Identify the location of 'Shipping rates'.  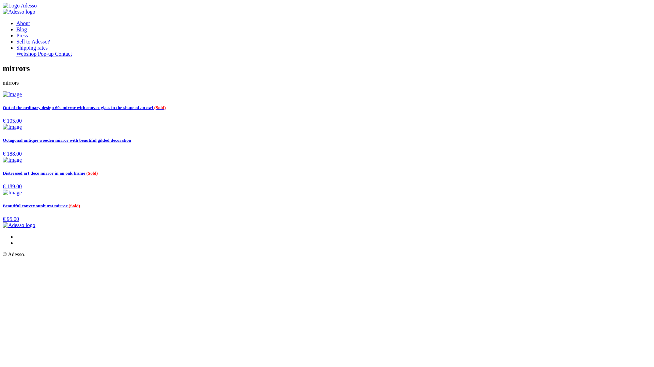
(16, 47).